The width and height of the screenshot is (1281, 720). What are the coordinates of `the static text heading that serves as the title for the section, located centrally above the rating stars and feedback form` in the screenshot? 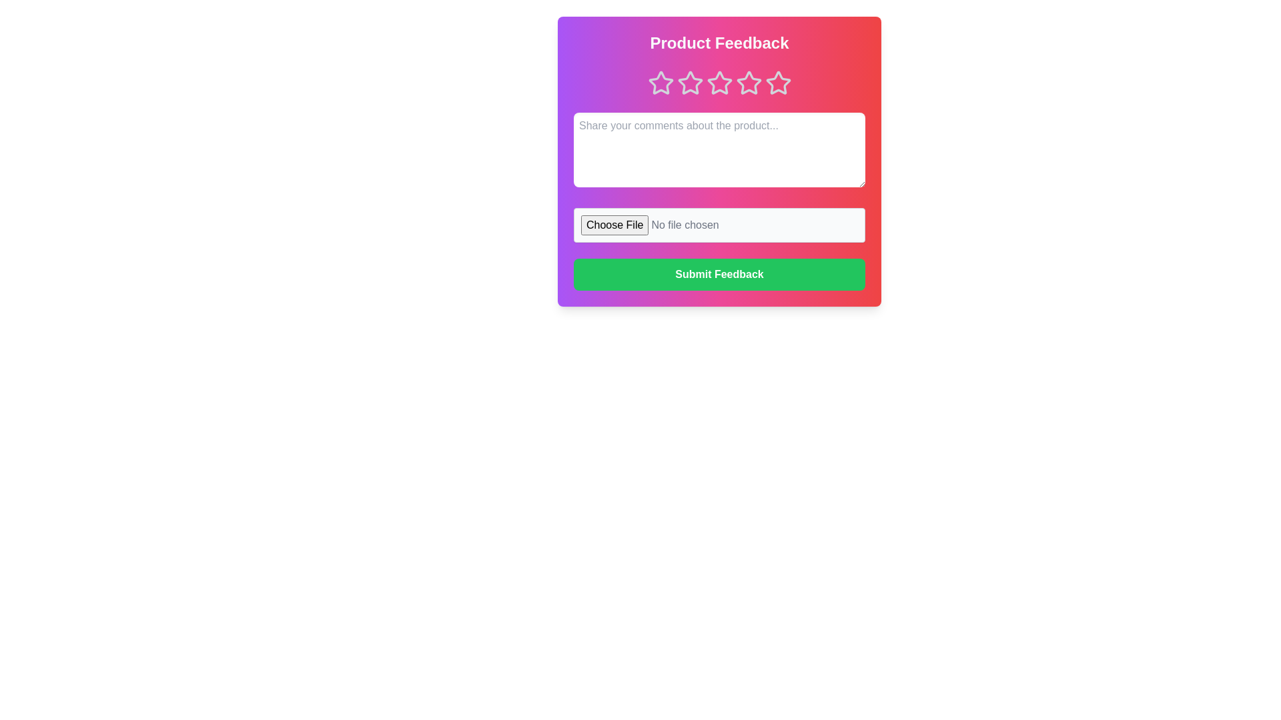 It's located at (719, 43).